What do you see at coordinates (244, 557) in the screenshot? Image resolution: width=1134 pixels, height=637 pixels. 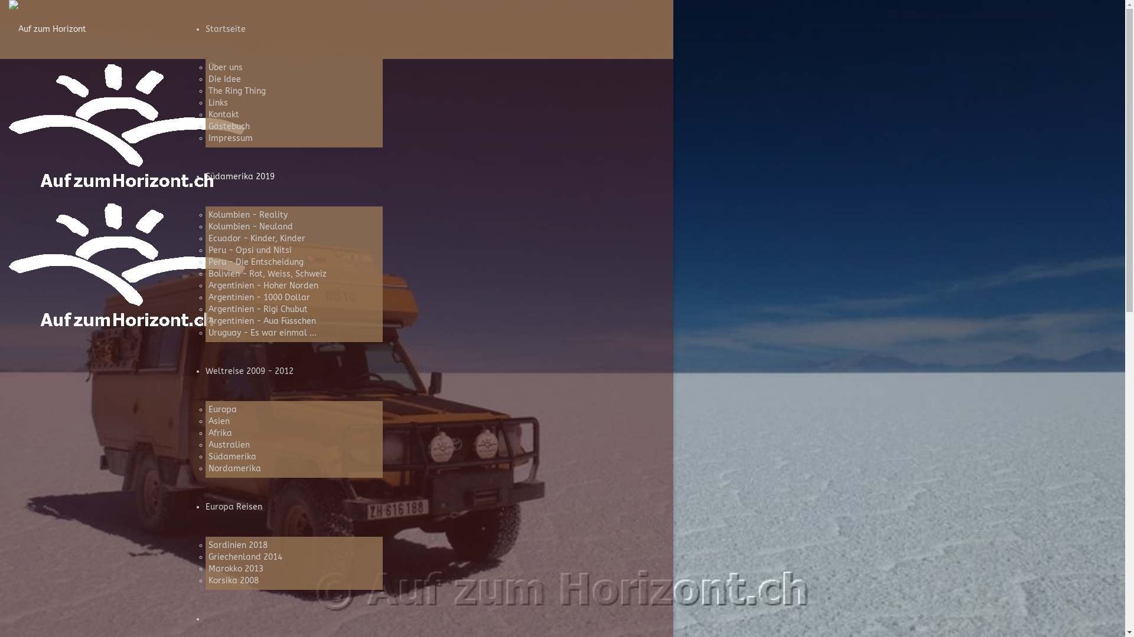 I see `'Griechenland 2014'` at bounding box center [244, 557].